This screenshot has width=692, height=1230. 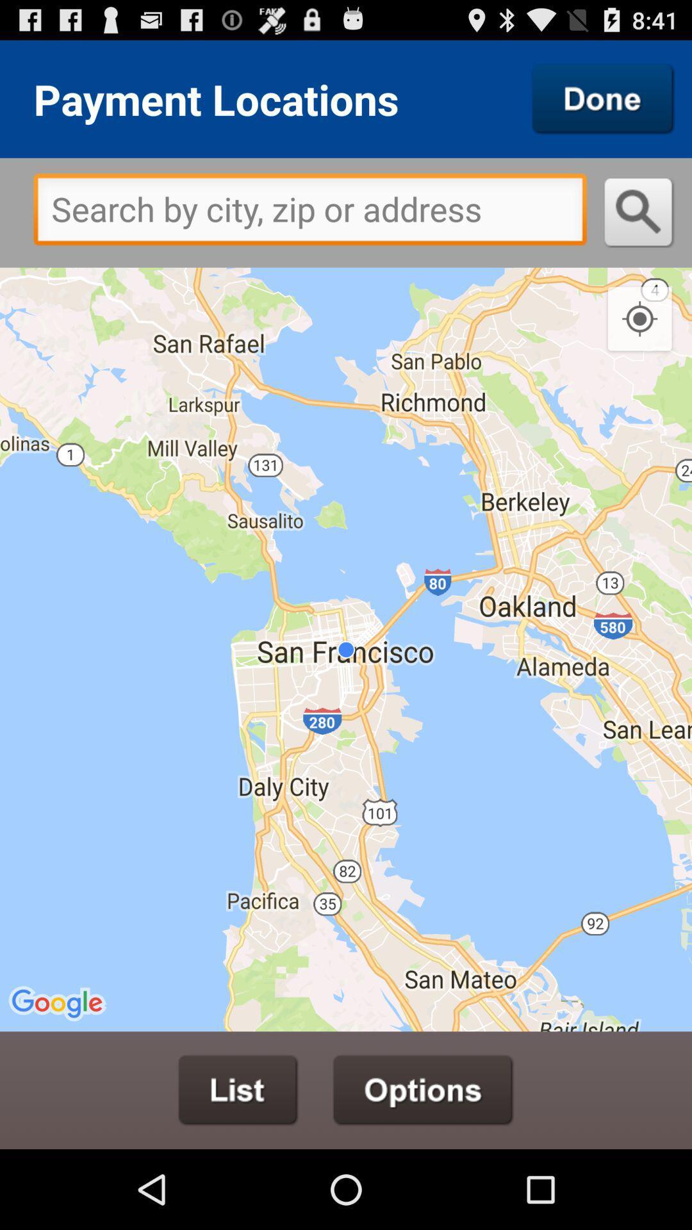 I want to click on see list from map, so click(x=238, y=1090).